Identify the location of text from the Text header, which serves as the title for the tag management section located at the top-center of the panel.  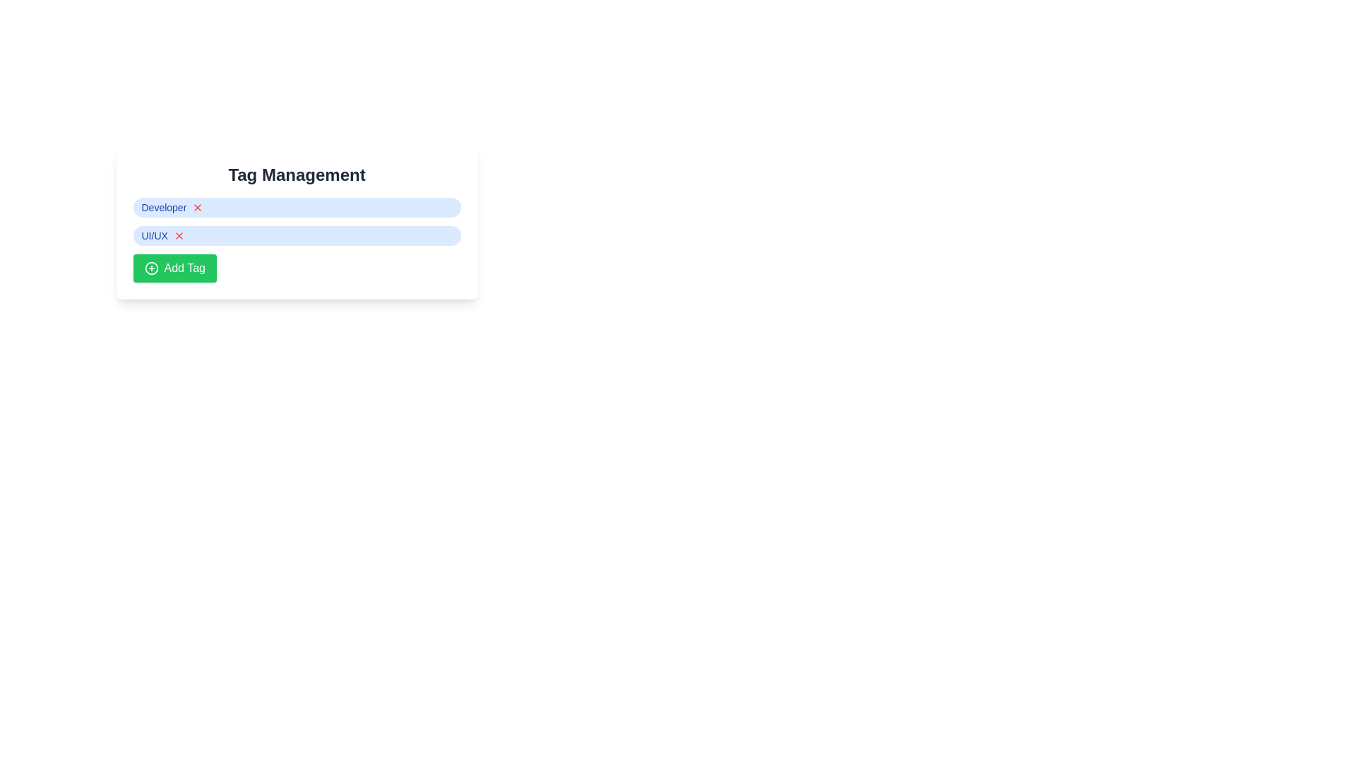
(296, 174).